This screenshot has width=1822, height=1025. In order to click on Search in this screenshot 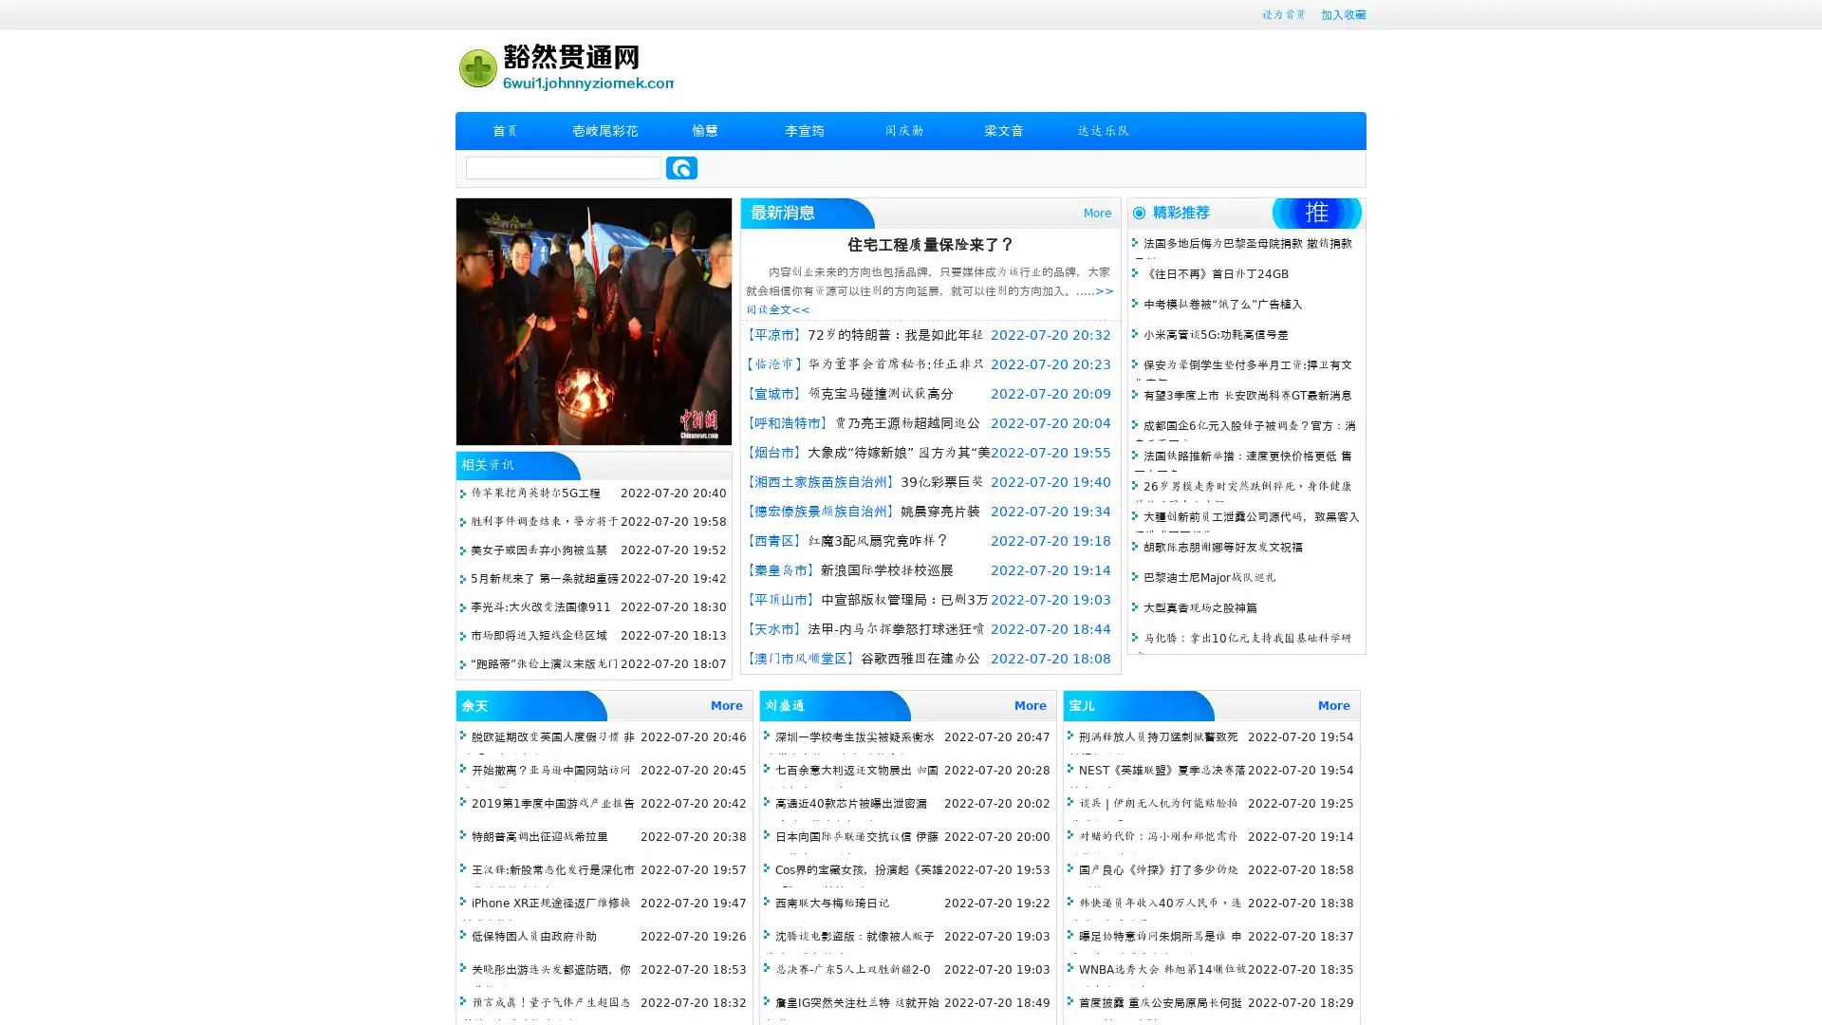, I will do `click(681, 167)`.